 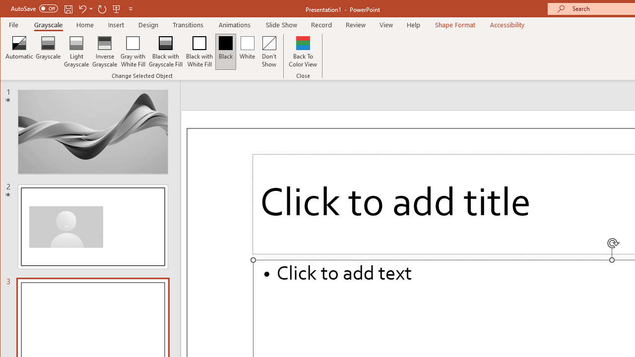 What do you see at coordinates (269, 52) in the screenshot?
I see `'Don'` at bounding box center [269, 52].